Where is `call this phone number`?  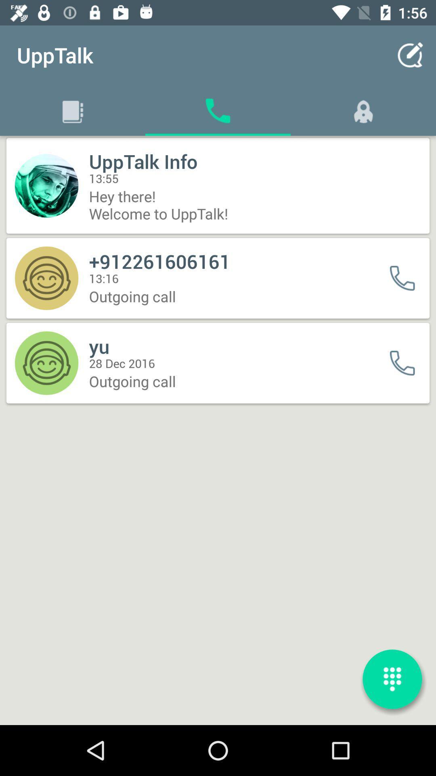
call this phone number is located at coordinates (407, 278).